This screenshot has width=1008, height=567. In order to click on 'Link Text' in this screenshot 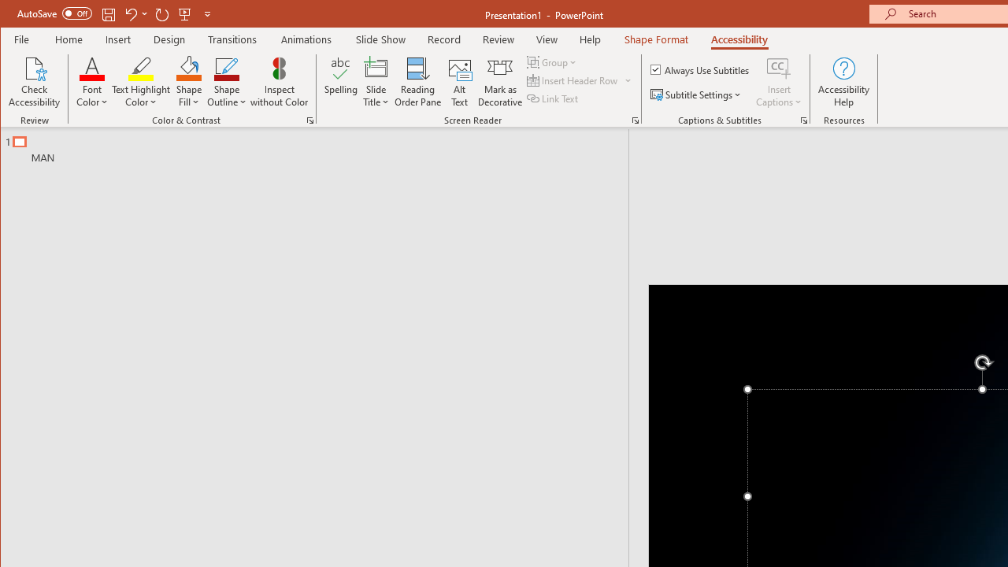, I will do `click(554, 98)`.